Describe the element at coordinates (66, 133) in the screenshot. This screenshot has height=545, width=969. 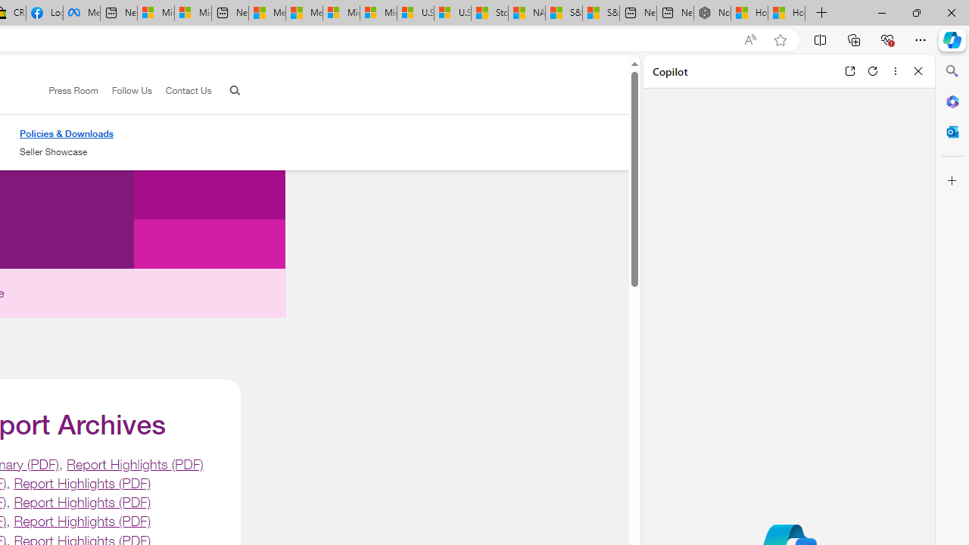
I see `'Policies & Downloads'` at that location.